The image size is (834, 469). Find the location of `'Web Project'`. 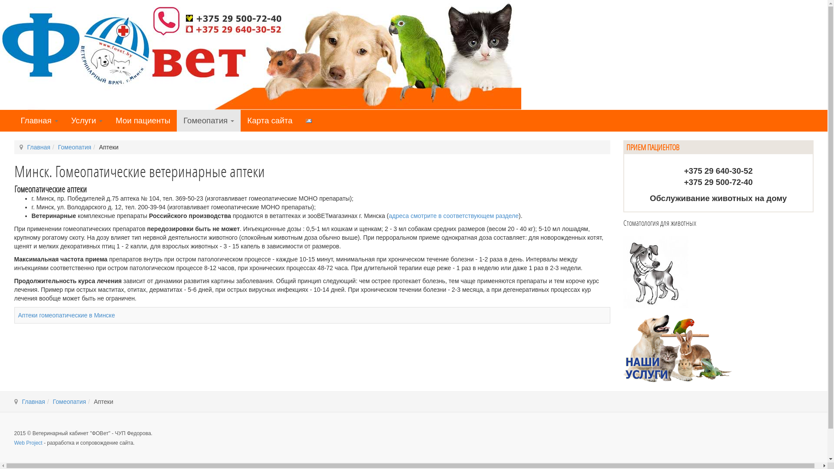

'Web Project' is located at coordinates (28, 443).